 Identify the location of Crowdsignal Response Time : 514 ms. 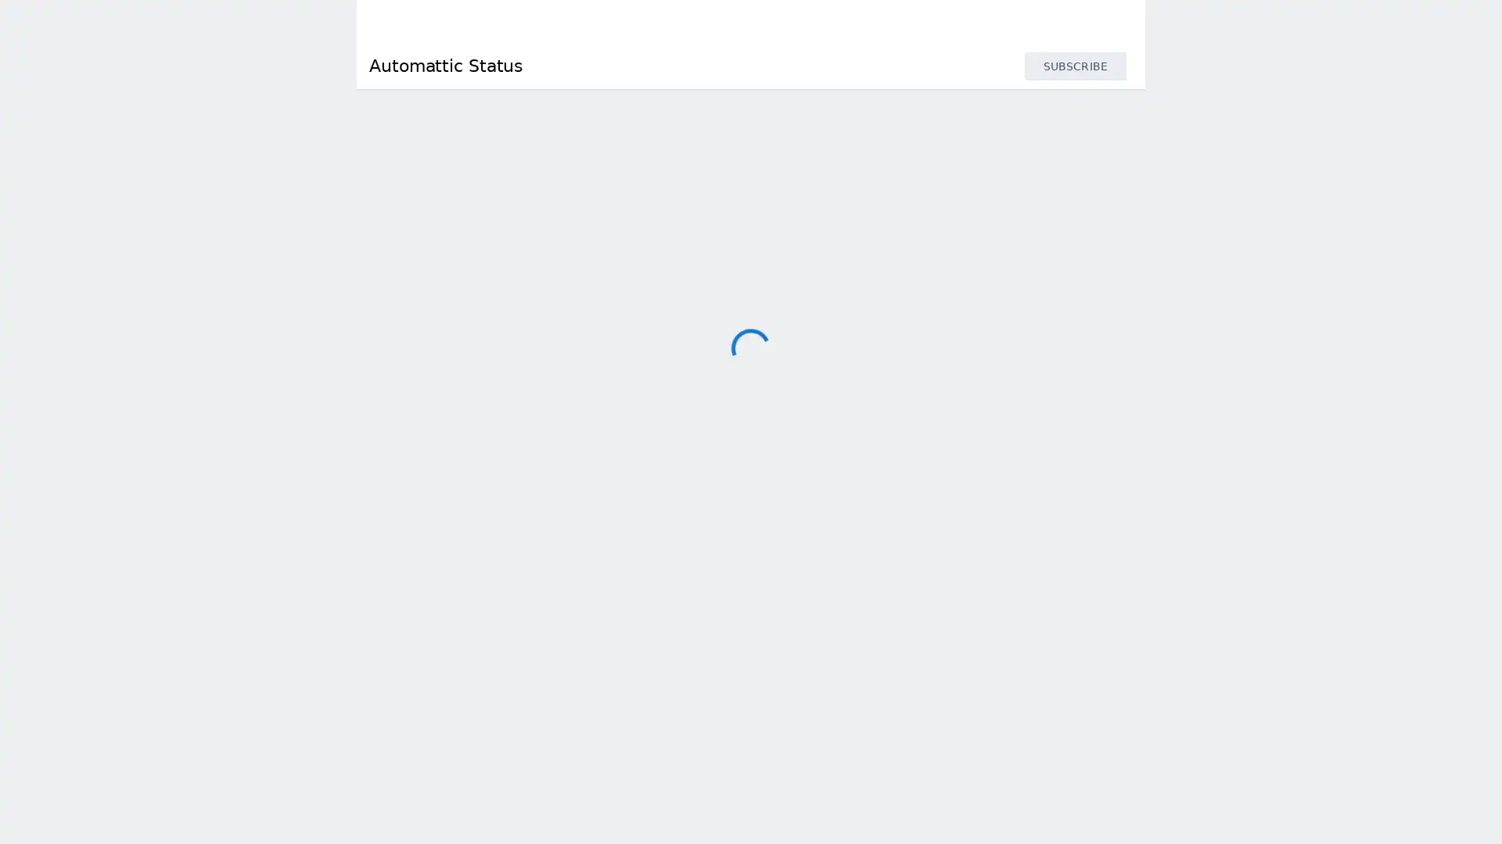
(656, 367).